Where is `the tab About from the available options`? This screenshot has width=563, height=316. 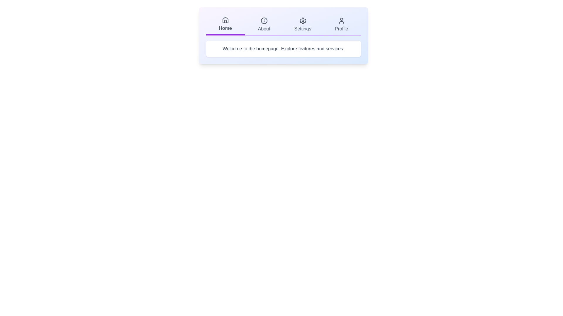 the tab About from the available options is located at coordinates (264, 24).